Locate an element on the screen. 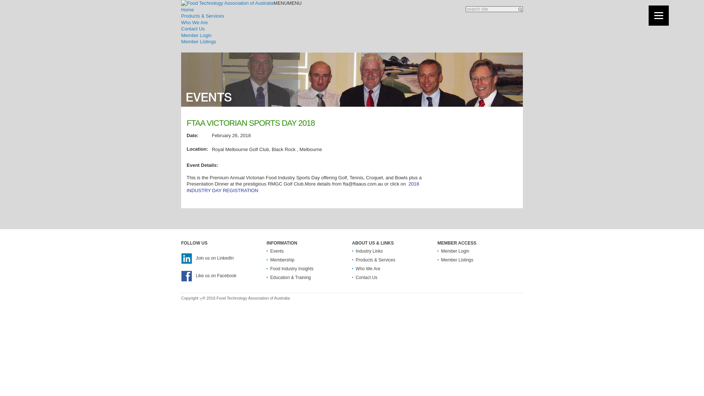 The height and width of the screenshot is (396, 704). 'Member Login' is located at coordinates (181, 35).